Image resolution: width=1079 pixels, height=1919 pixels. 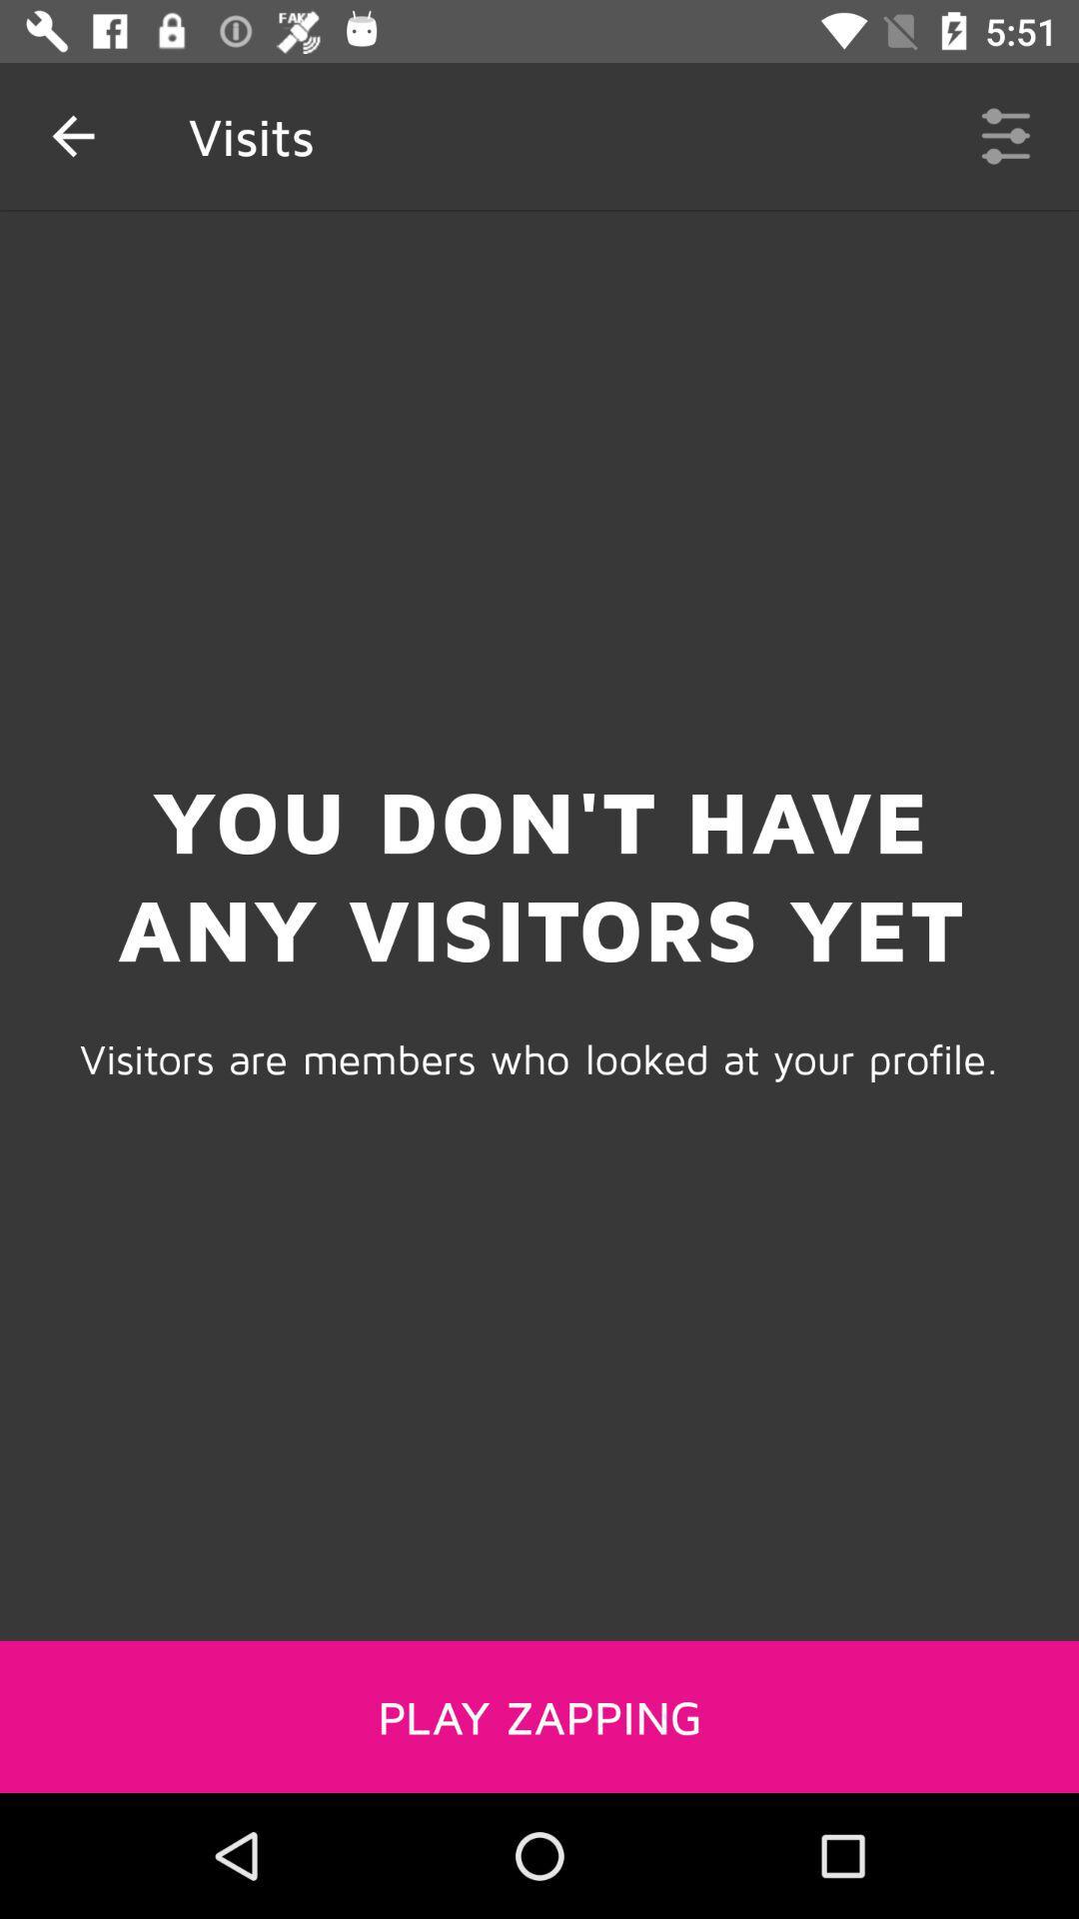 I want to click on the item next to visits icon, so click(x=1005, y=135).